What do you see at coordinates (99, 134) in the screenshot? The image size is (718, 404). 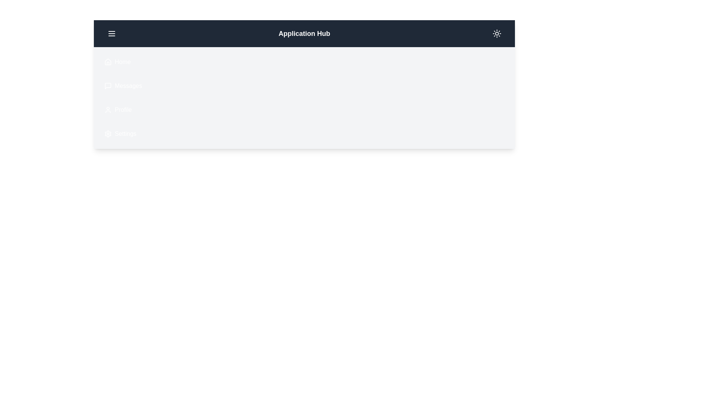 I see `the navigation item Settings` at bounding box center [99, 134].